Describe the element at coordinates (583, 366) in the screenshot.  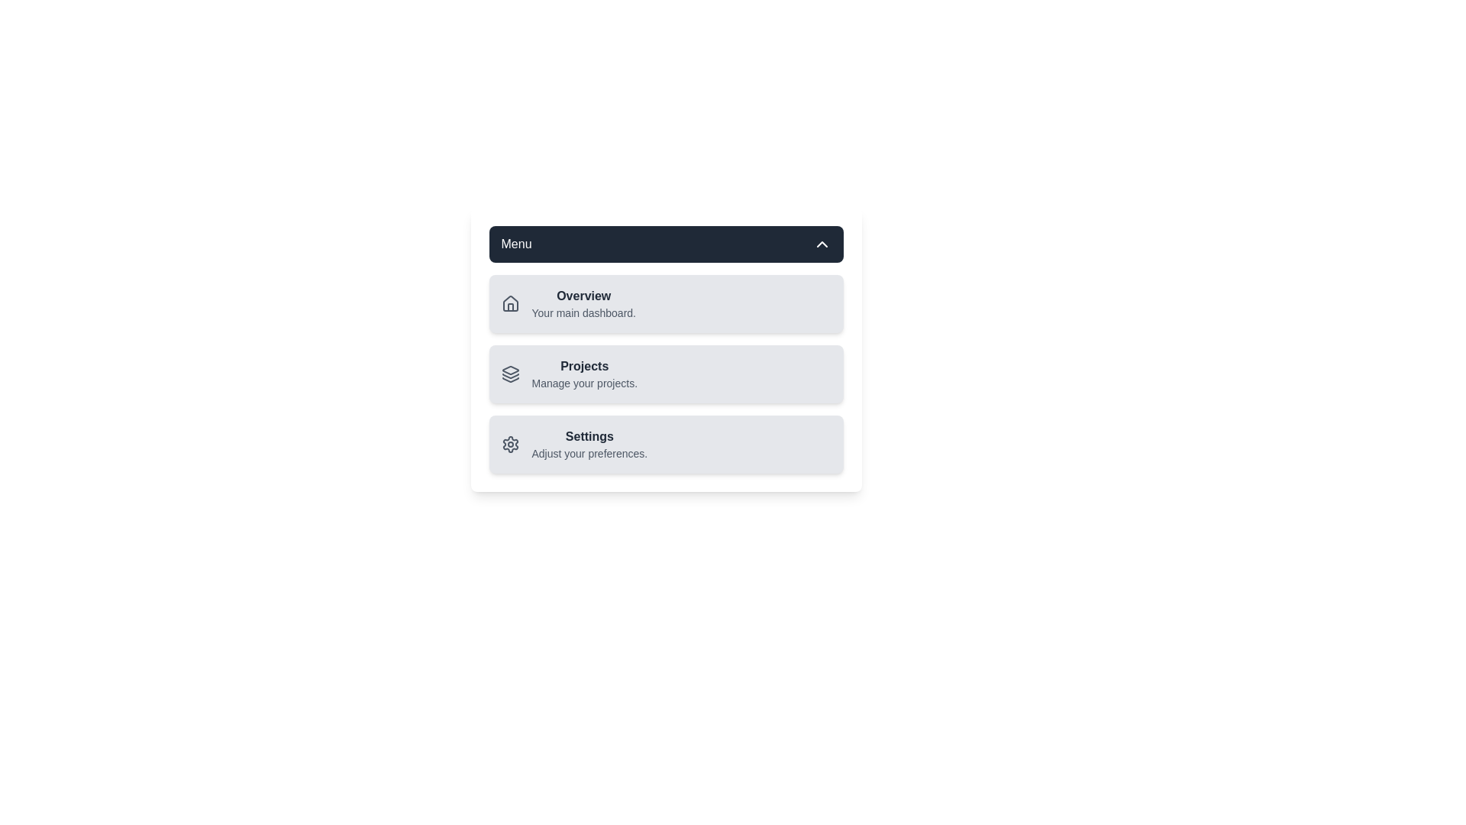
I see `the text of the menu item Projects to select it` at that location.